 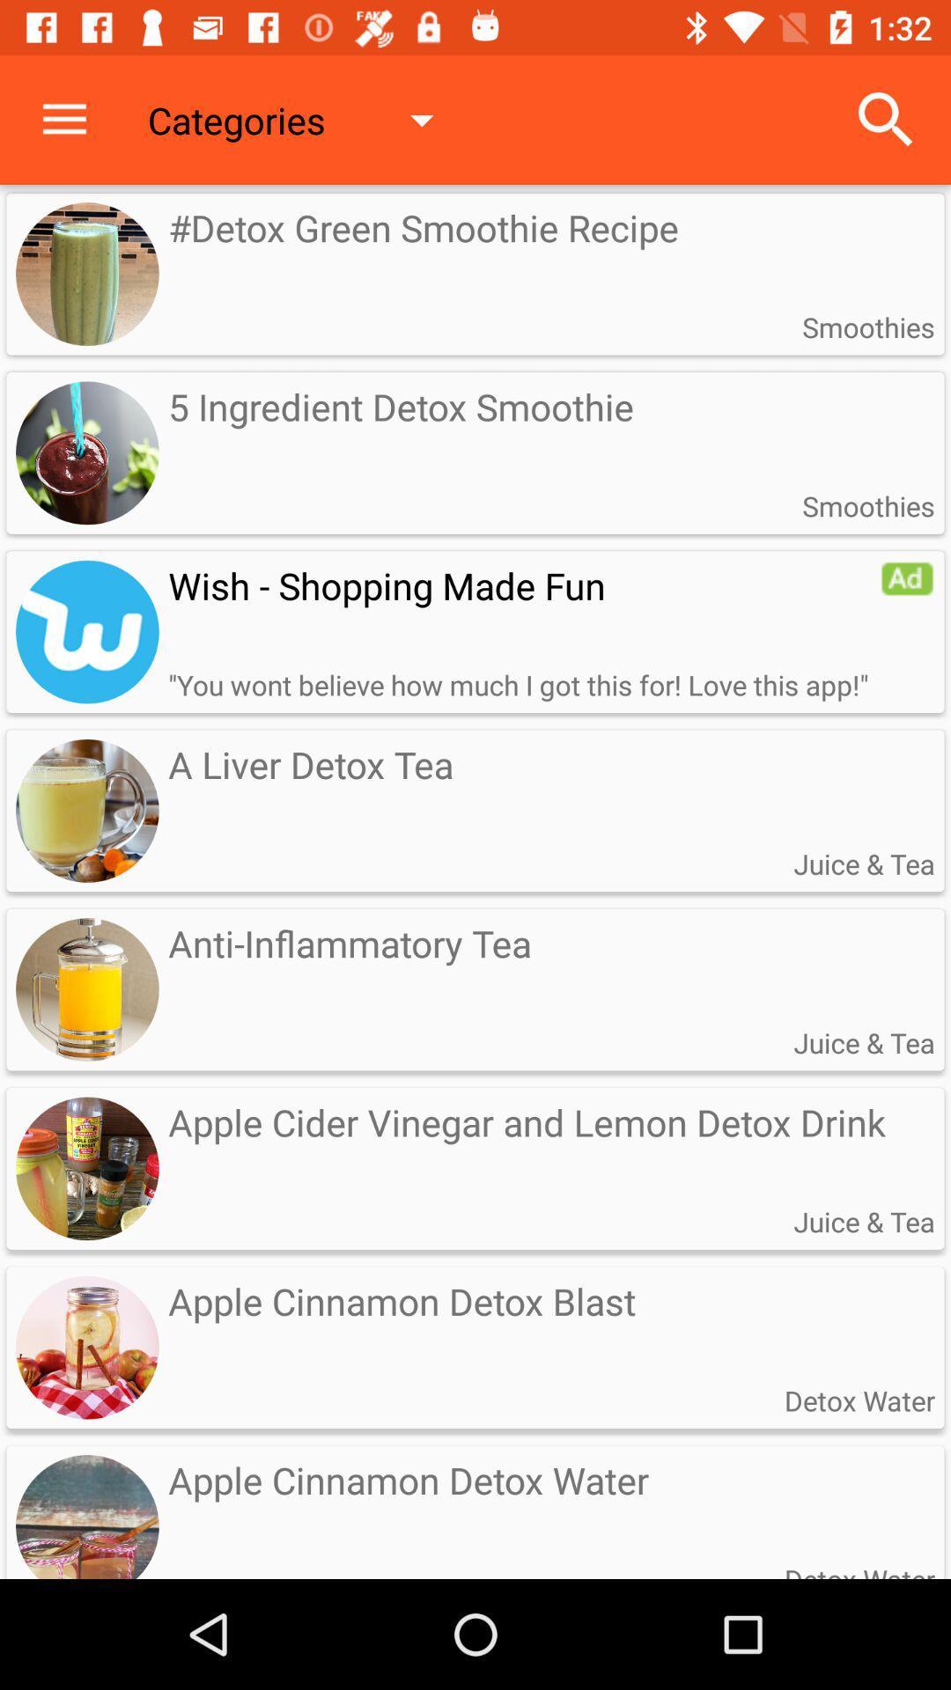 I want to click on the icon above you wont believe, so click(x=523, y=585).